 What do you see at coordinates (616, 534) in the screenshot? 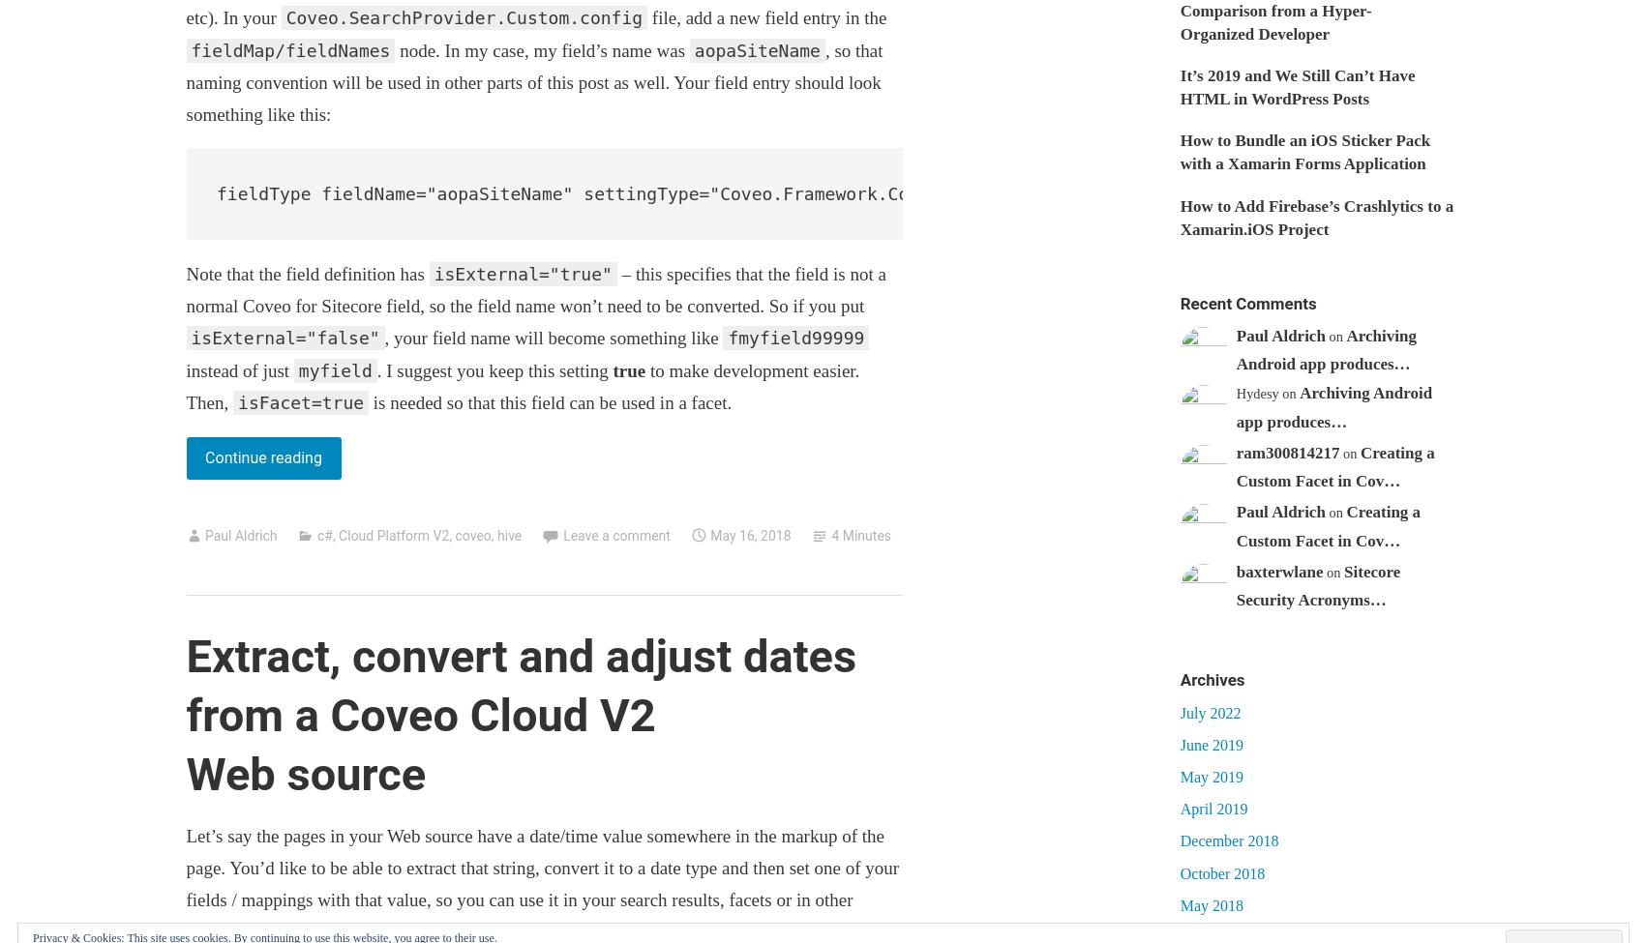
I see `'Leave a comment'` at bounding box center [616, 534].